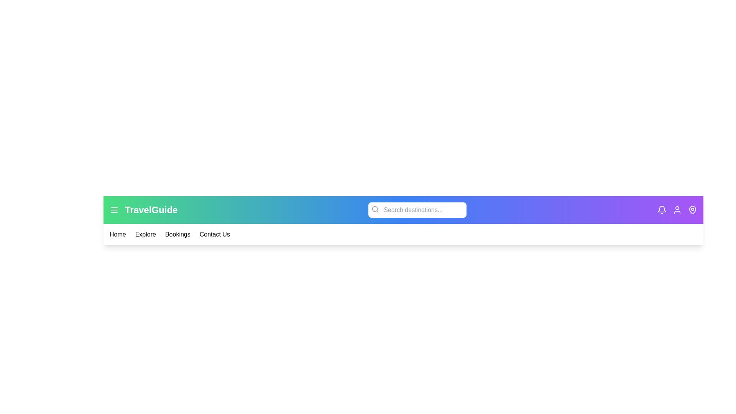 The width and height of the screenshot is (736, 414). I want to click on the menu item Contact Us from the navigation bar, so click(215, 234).